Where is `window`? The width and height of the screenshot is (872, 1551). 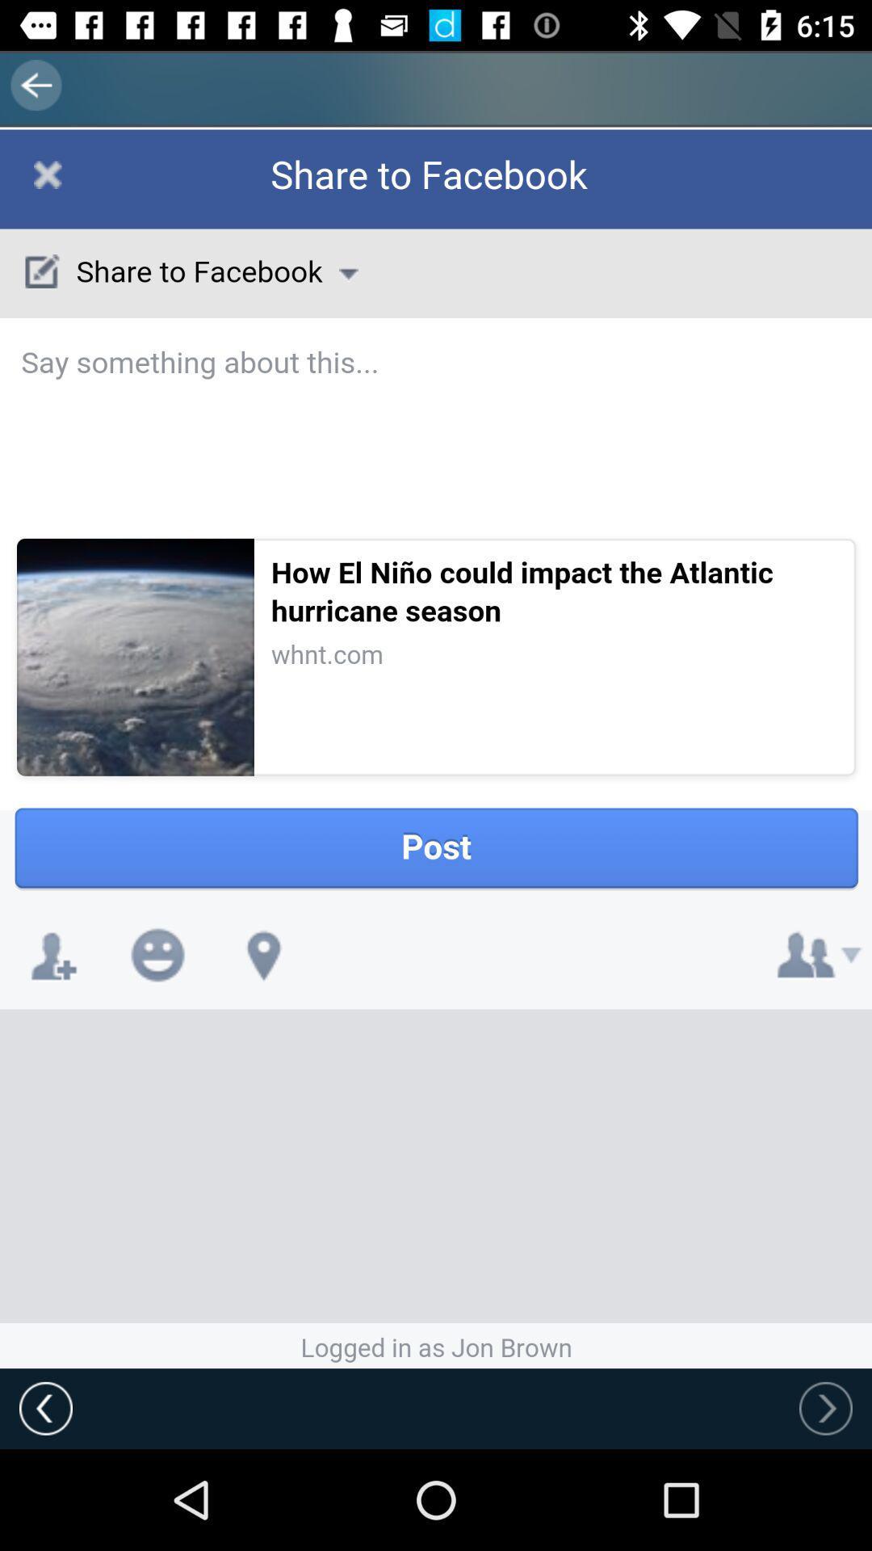 window is located at coordinates (106, 194).